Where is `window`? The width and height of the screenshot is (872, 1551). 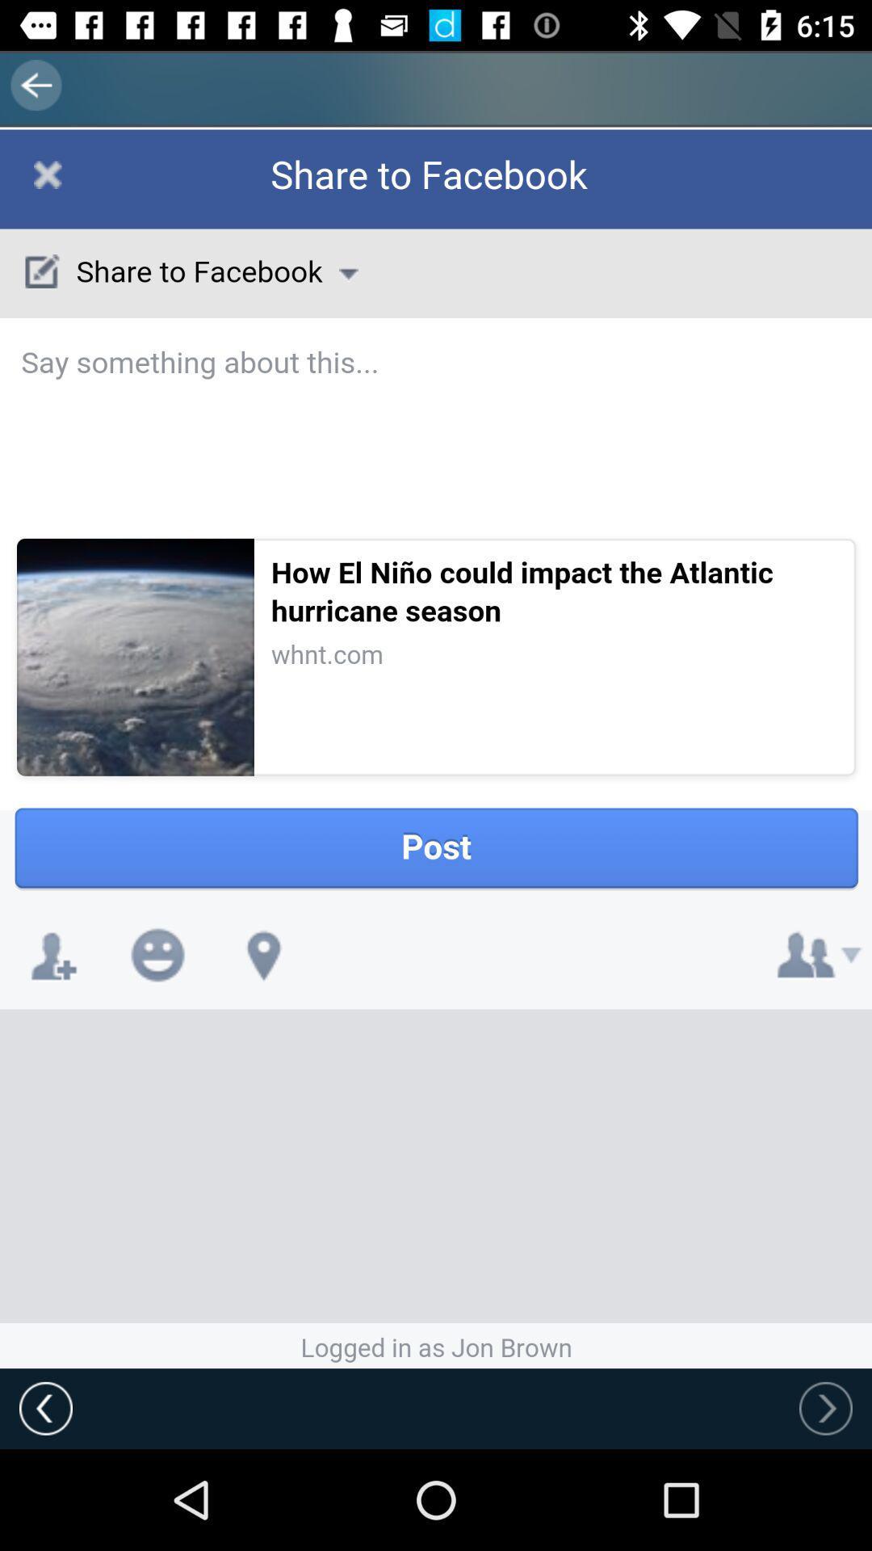 window is located at coordinates (106, 194).